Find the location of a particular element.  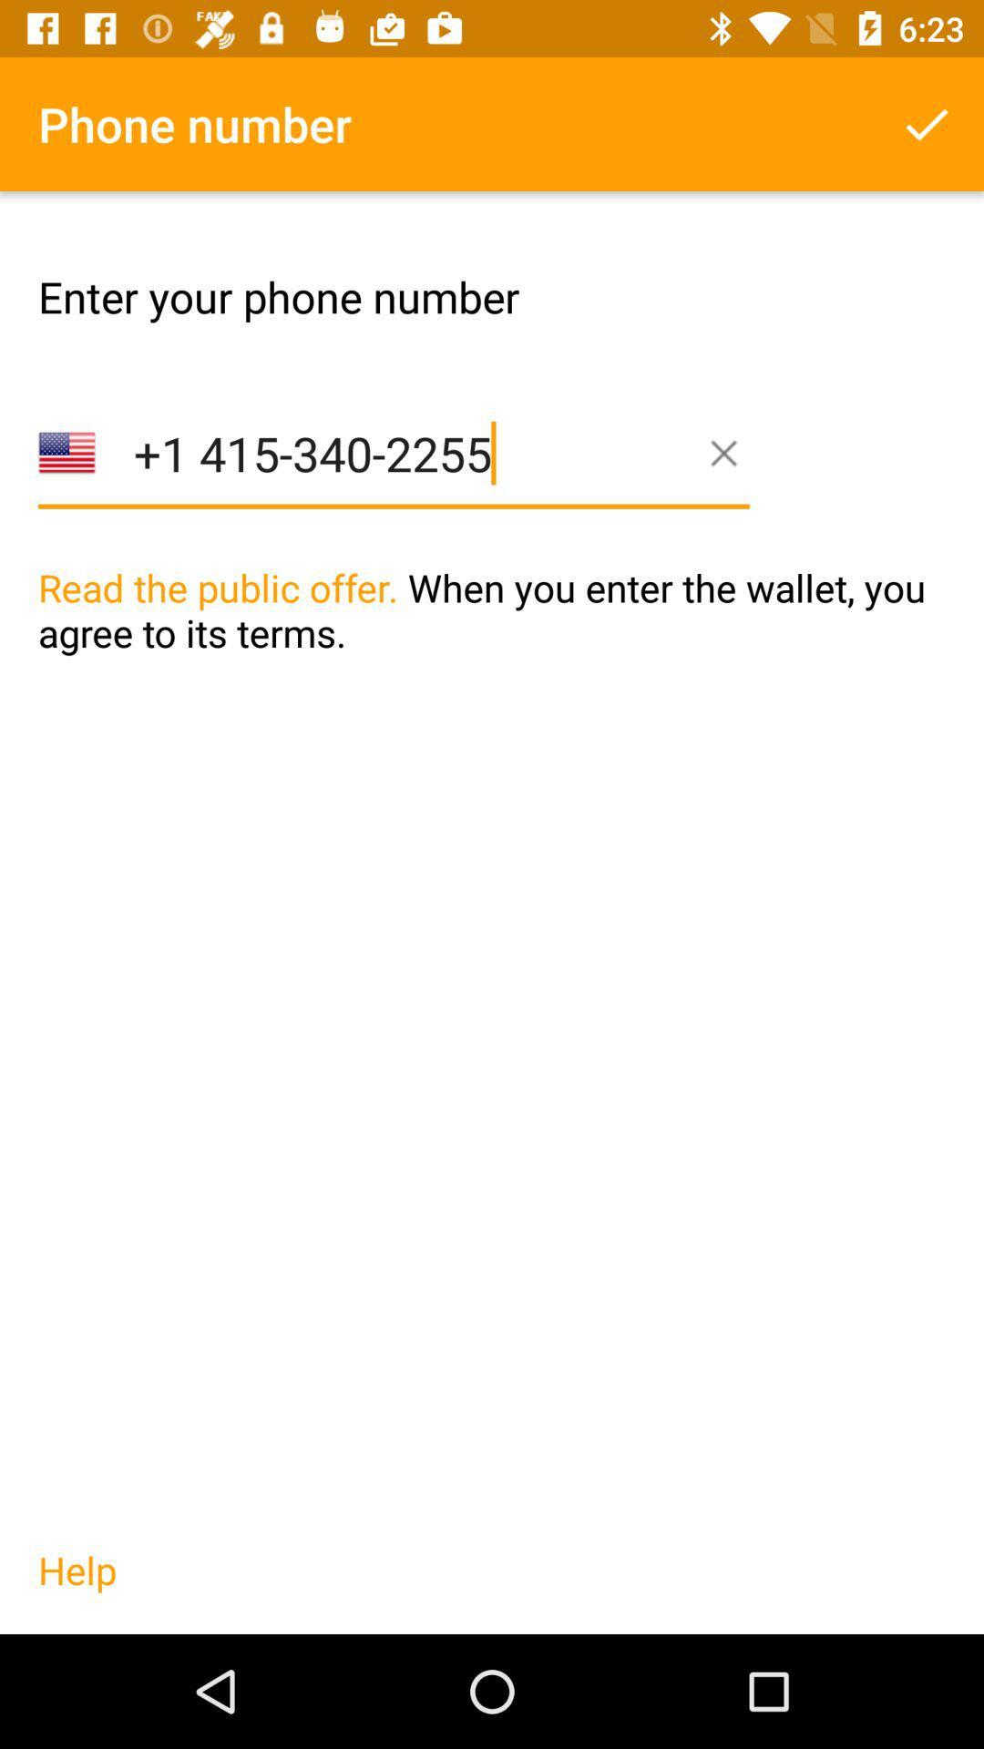

the icon above help icon is located at coordinates (492, 648).